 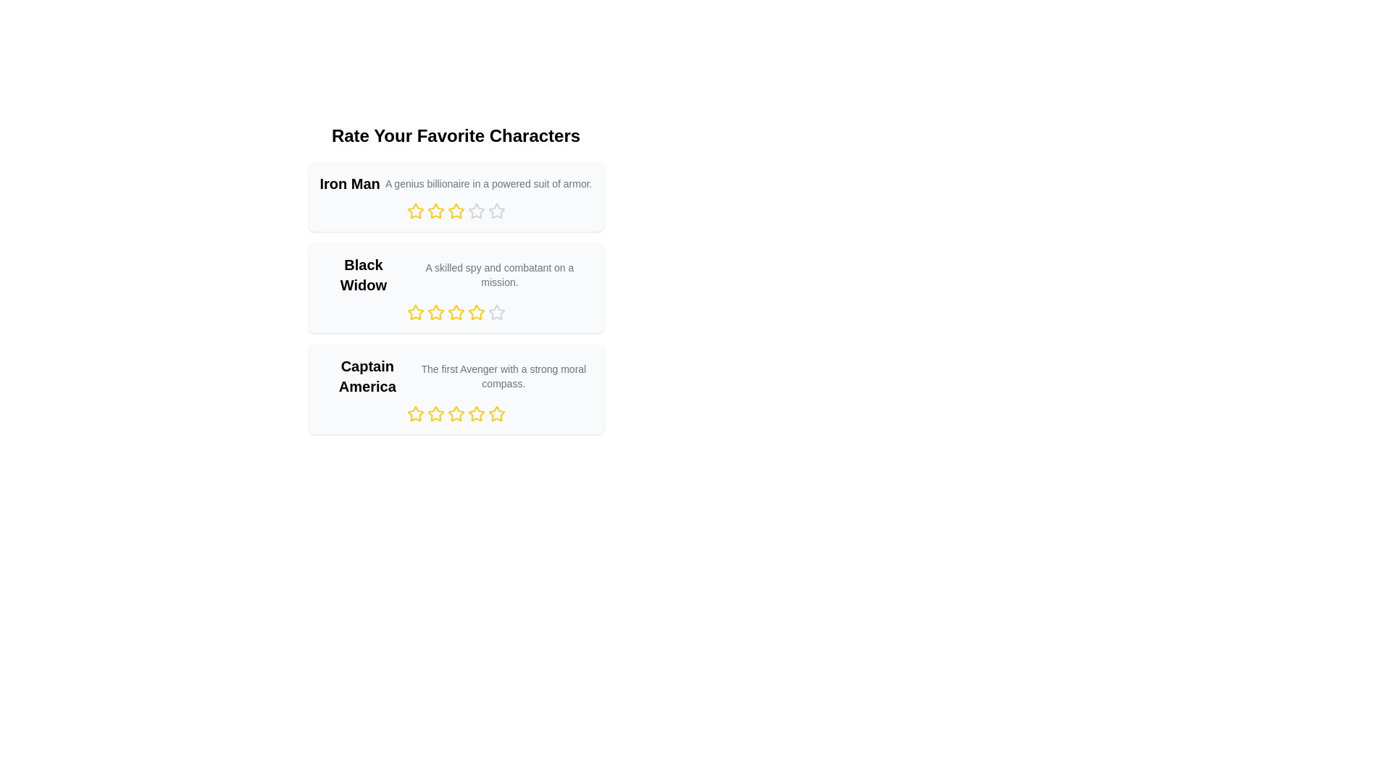 What do you see at coordinates (455, 312) in the screenshot?
I see `the fifth yellow star icon in the rating section for 'Black Widow'` at bounding box center [455, 312].